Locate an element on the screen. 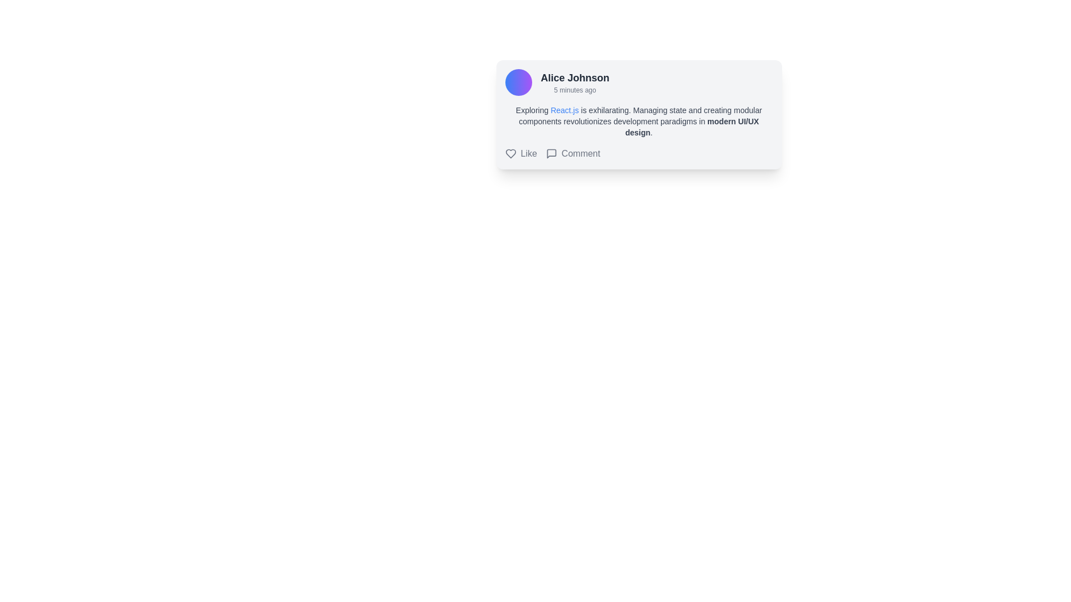  the 'Comment' button, which features a speech bubble icon and the text 'Comment' is located at coordinates (573, 154).